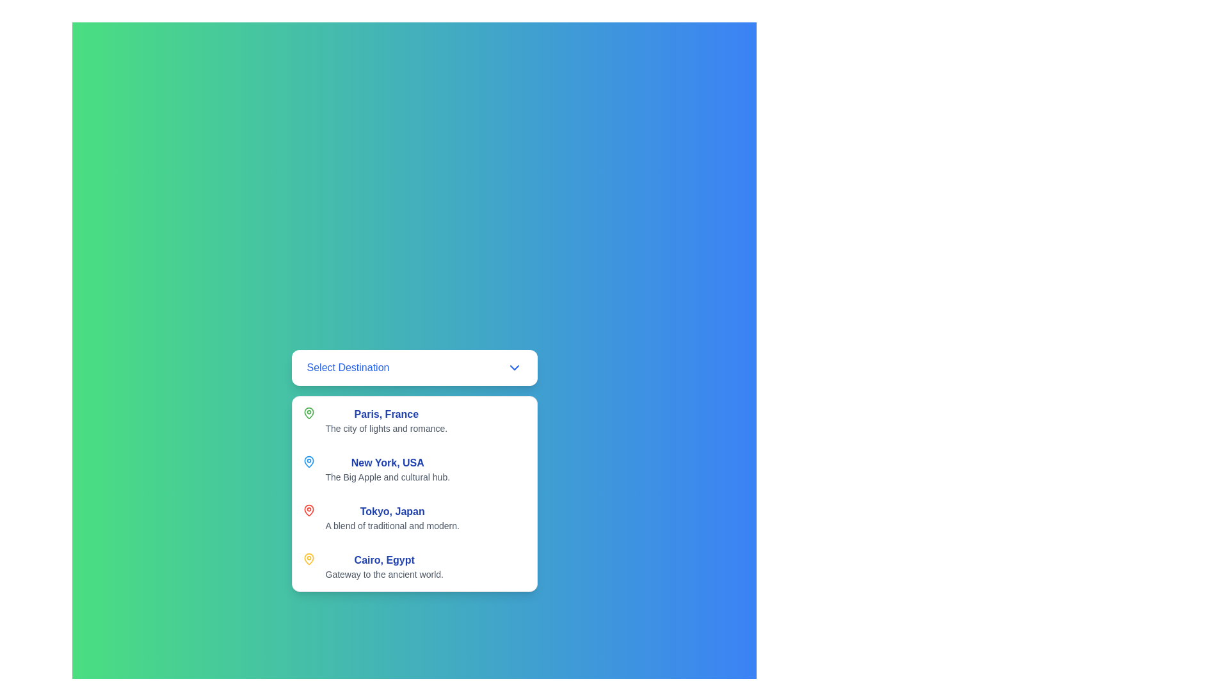 The image size is (1229, 691). What do you see at coordinates (414, 566) in the screenshot?
I see `the list item representing the option 'Cairo, Egypt' located at the bottom of the dropdown menu` at bounding box center [414, 566].